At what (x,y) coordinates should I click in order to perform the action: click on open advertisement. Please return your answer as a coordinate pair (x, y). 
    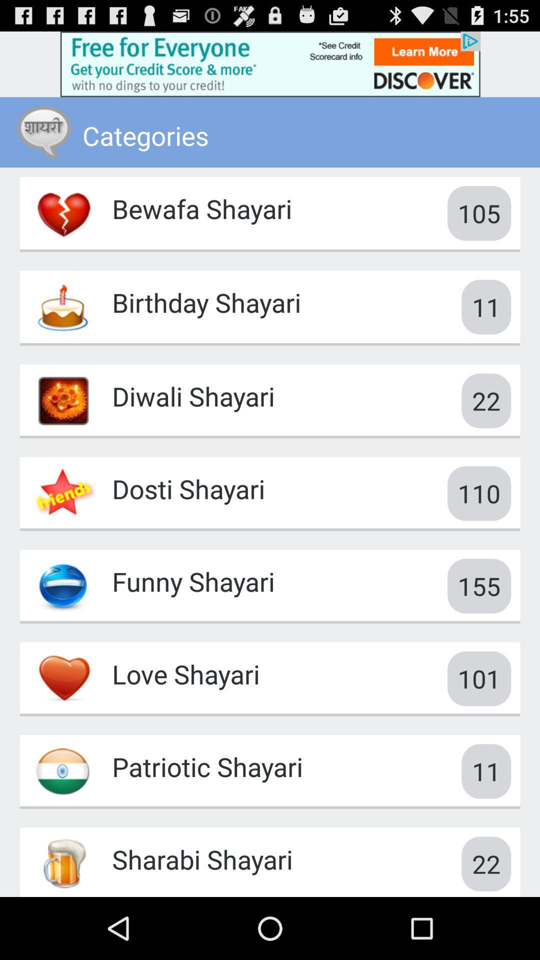
    Looking at the image, I should click on (270, 63).